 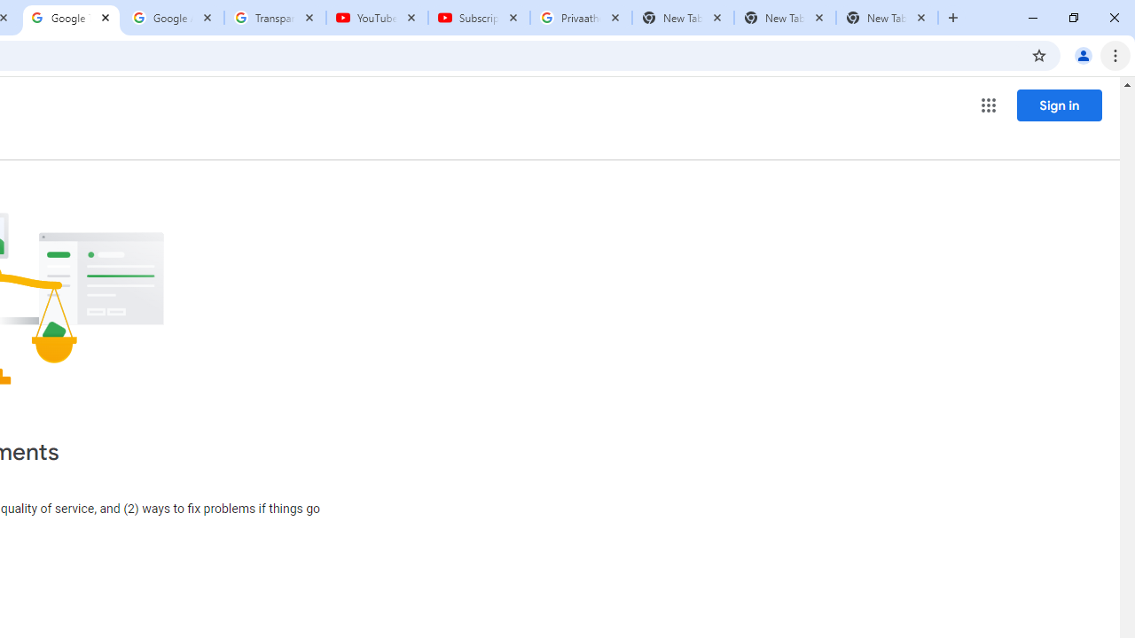 I want to click on 'New Tab', so click(x=887, y=18).